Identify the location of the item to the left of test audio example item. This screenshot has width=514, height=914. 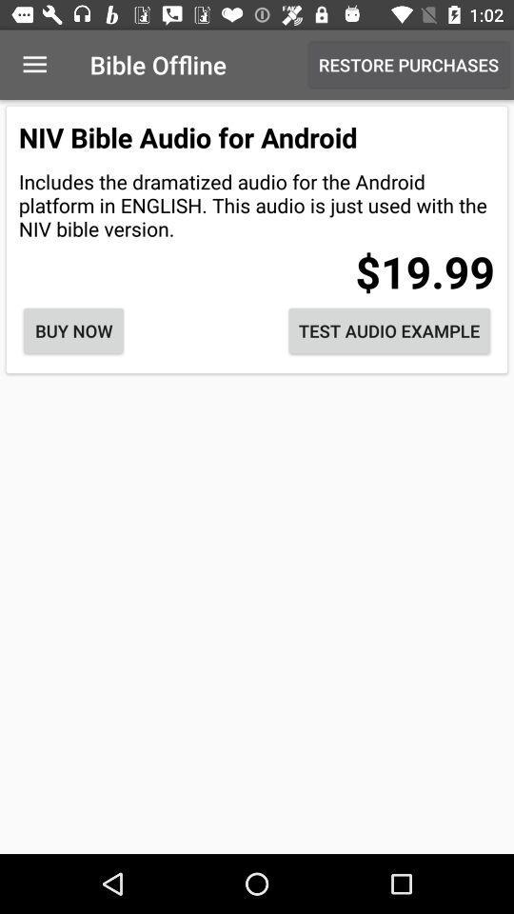
(72, 330).